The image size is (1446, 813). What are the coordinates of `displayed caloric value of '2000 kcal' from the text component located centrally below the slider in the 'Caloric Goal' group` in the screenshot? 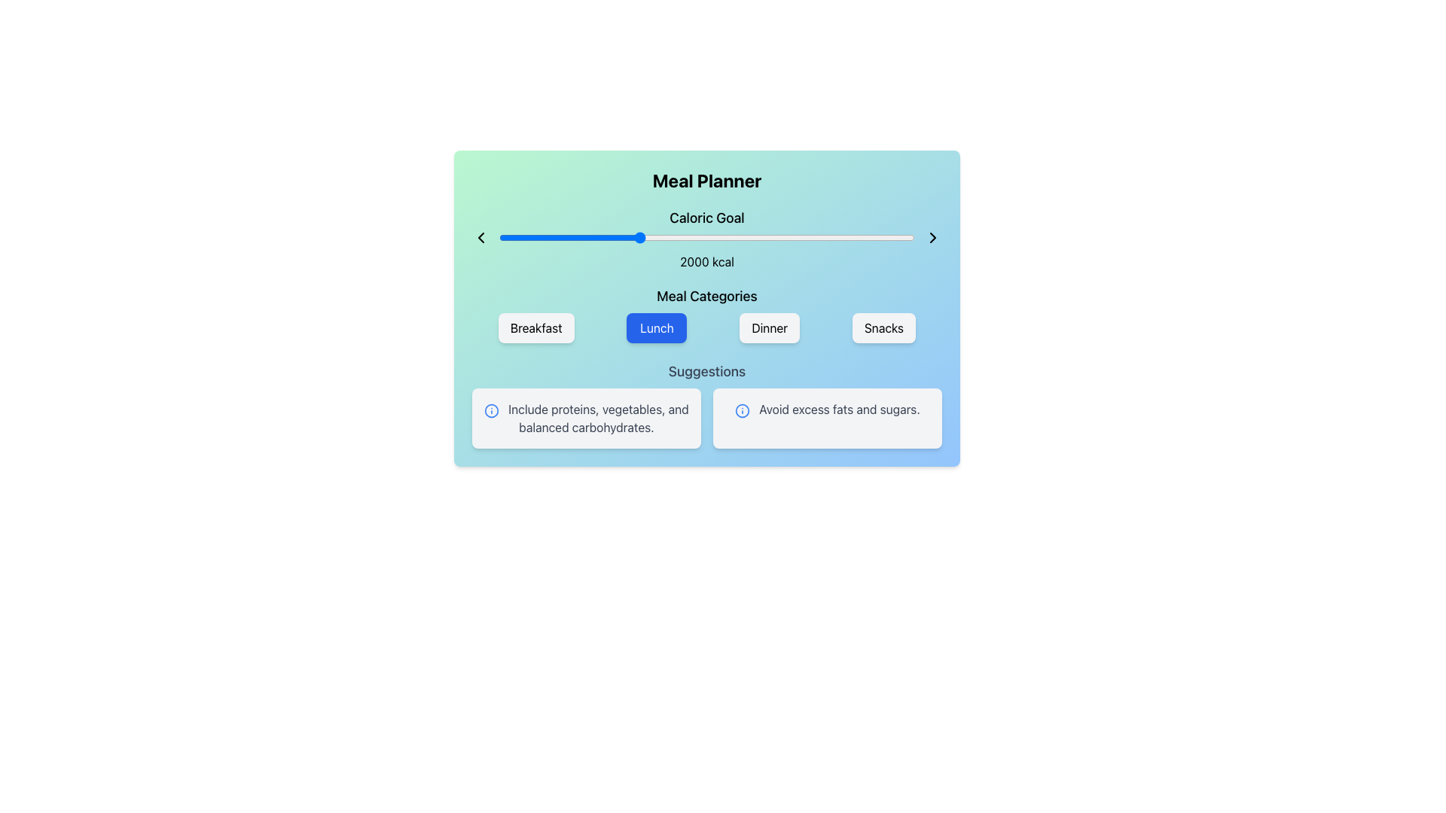 It's located at (706, 260).